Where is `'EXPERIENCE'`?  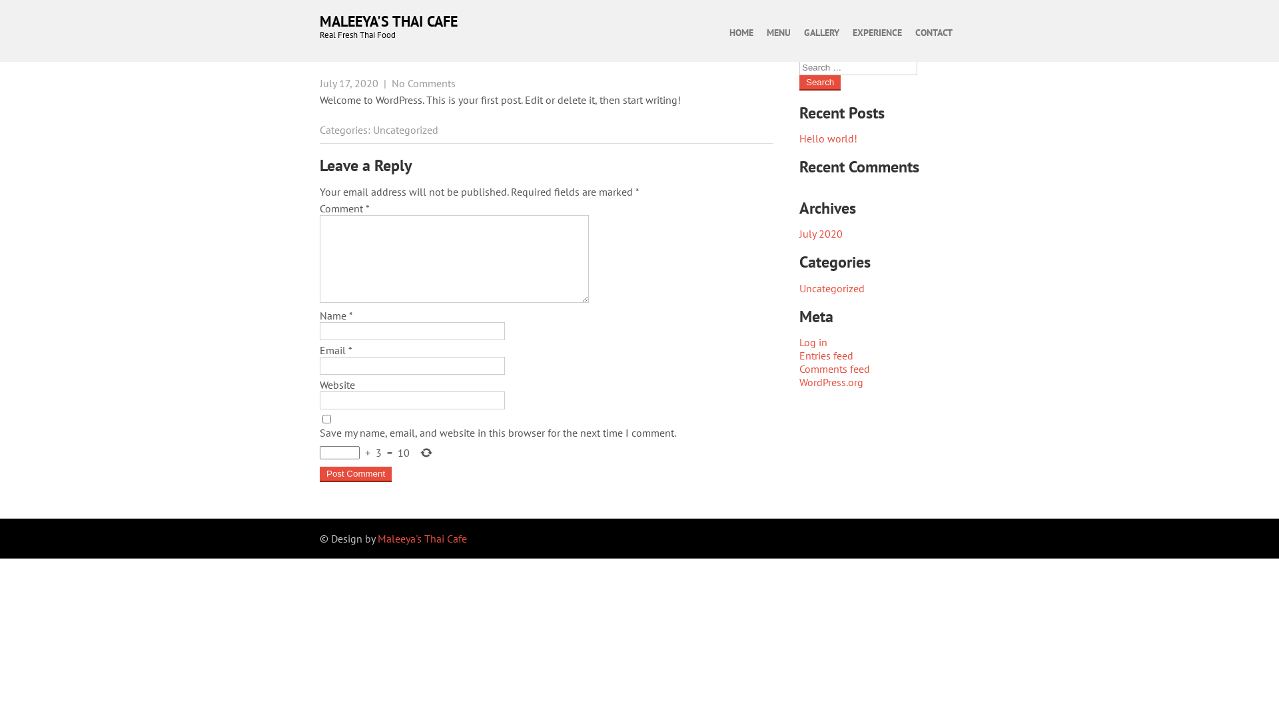 'EXPERIENCE' is located at coordinates (877, 32).